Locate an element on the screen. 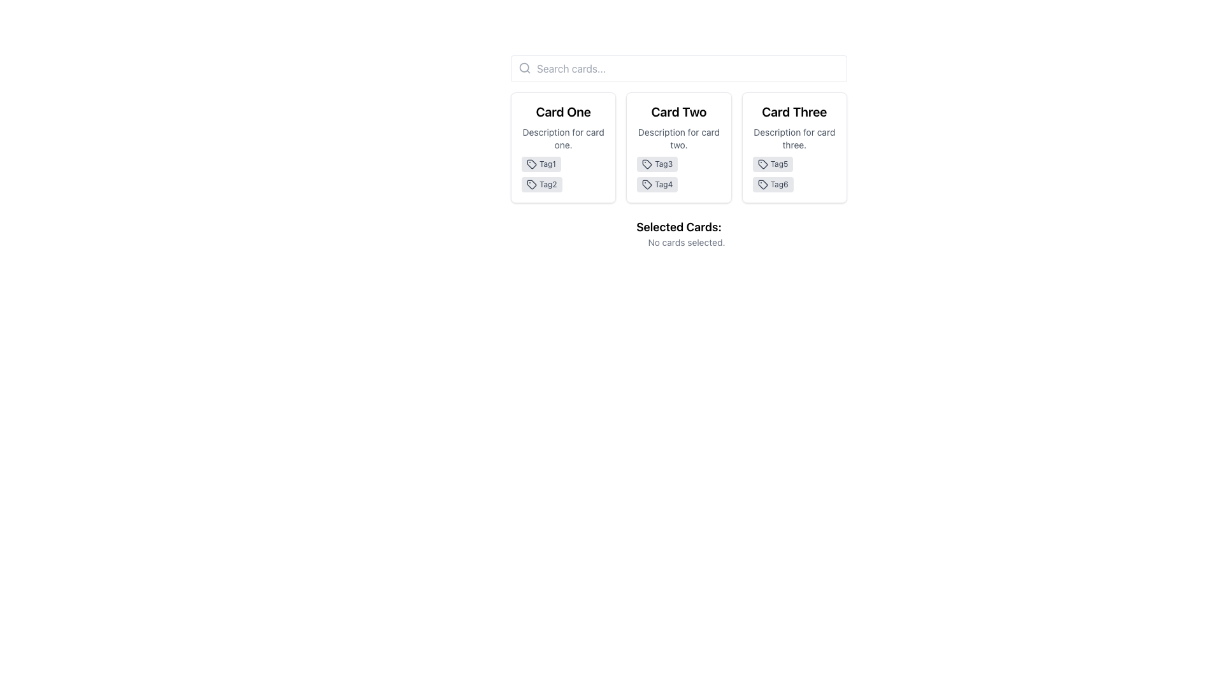 The width and height of the screenshot is (1223, 688). the static text label reading 'Selected Cards:' which indicates a section or heading within the interface, located below the card descriptions area is located at coordinates (678, 227).